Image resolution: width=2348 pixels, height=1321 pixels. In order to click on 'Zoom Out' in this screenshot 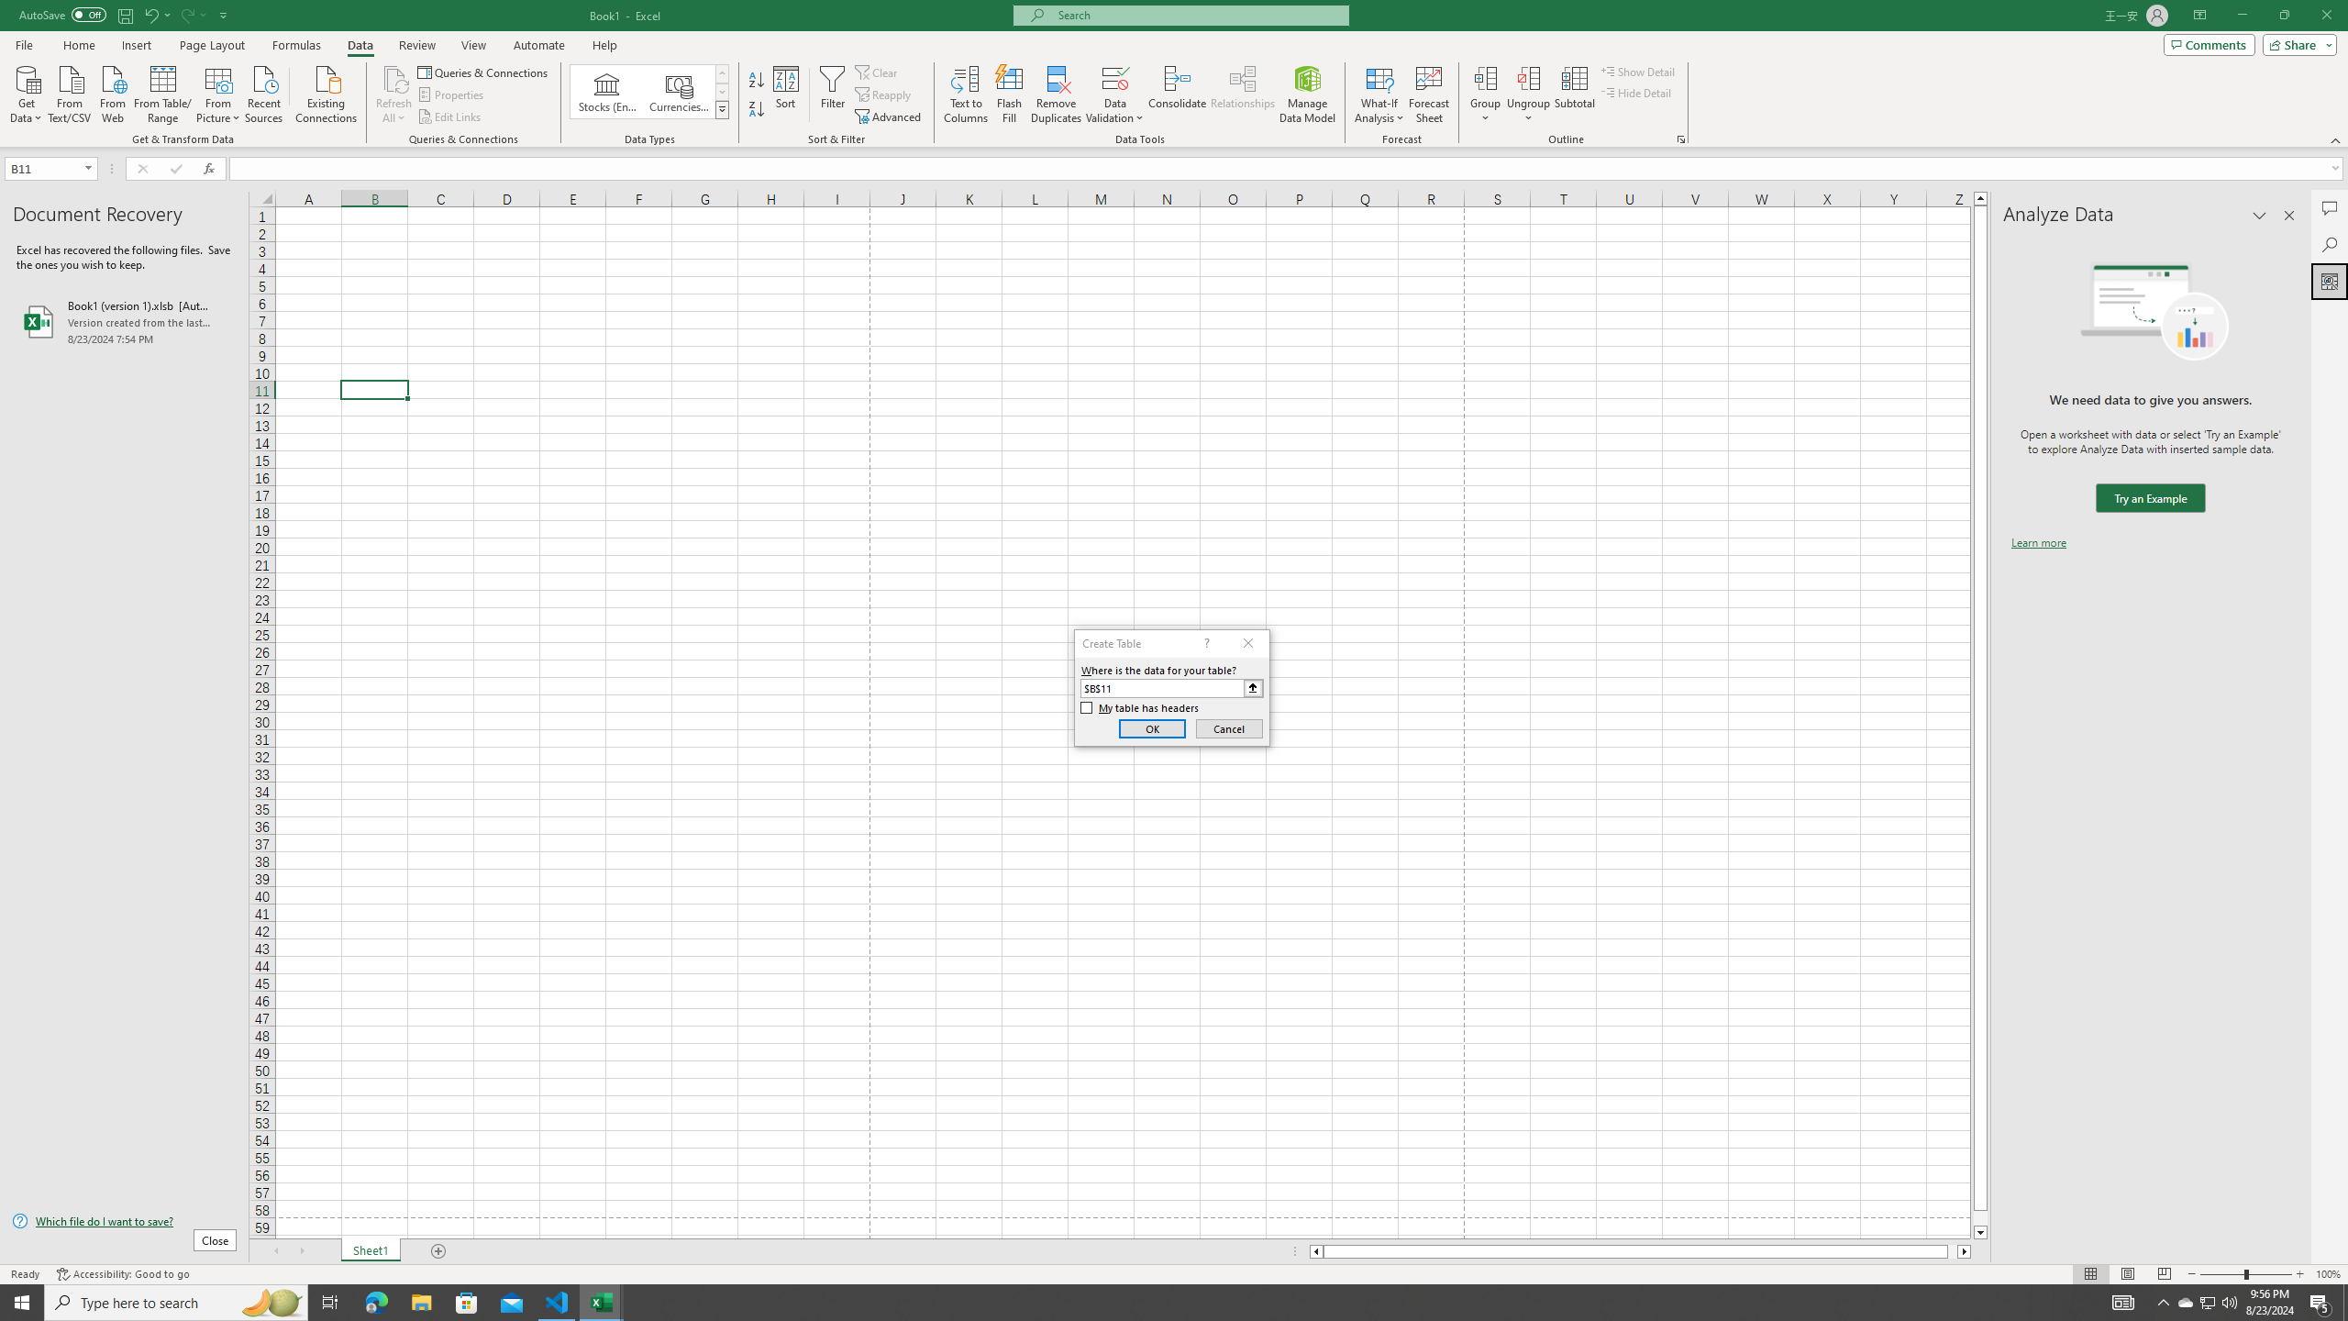, I will do `click(2221, 1274)`.